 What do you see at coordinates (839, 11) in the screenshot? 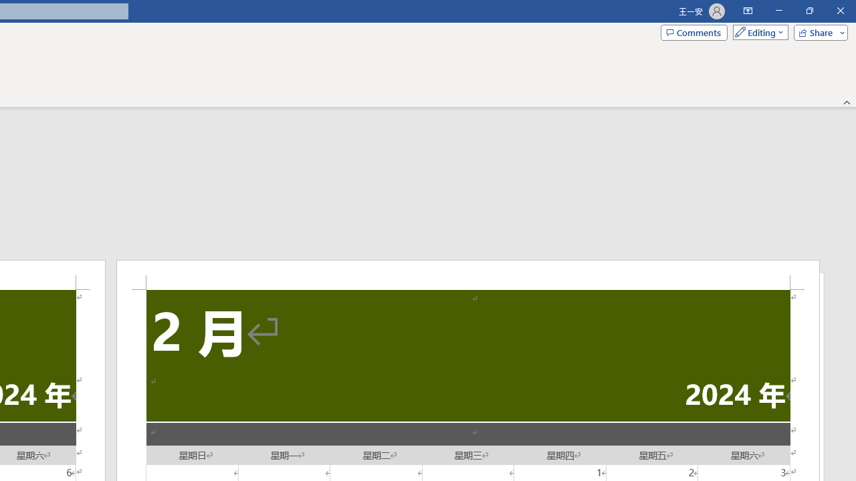
I see `'Close'` at bounding box center [839, 11].